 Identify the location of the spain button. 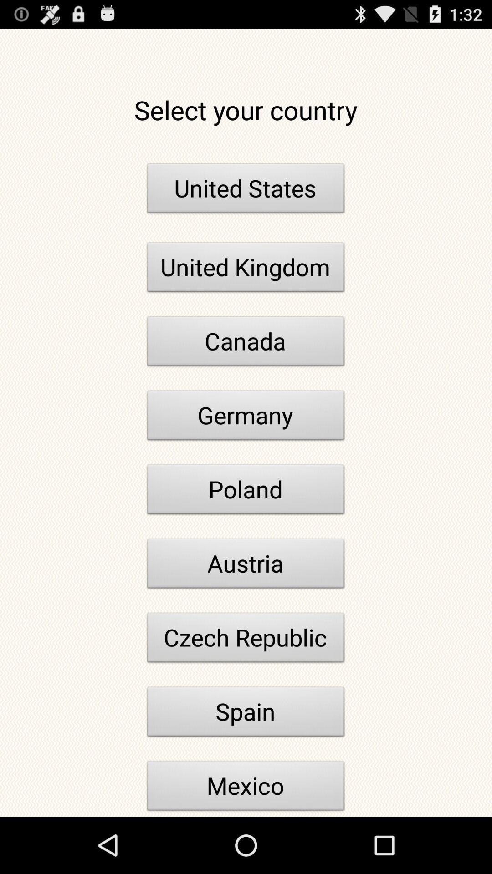
(246, 714).